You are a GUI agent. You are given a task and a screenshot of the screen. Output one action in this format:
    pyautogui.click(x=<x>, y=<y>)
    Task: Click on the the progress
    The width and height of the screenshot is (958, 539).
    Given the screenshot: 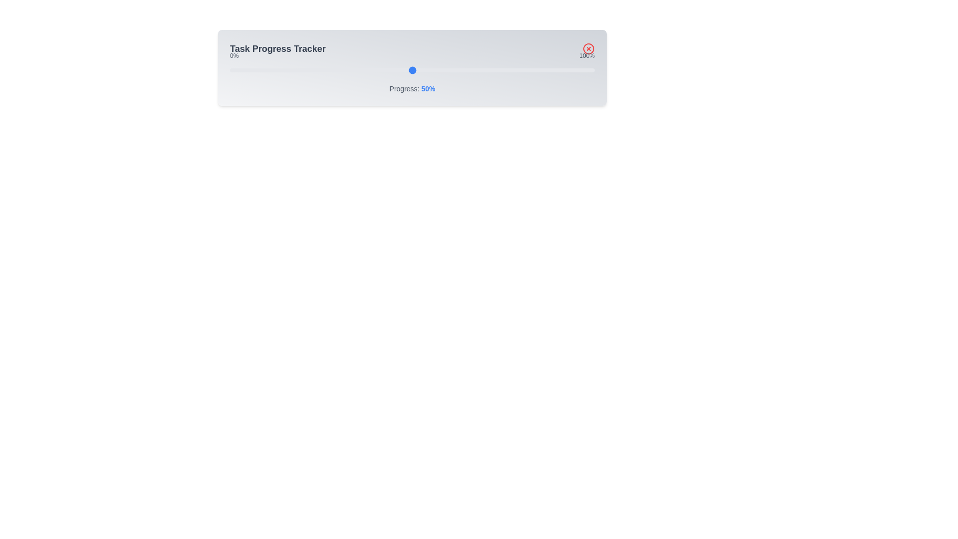 What is the action you would take?
    pyautogui.click(x=386, y=70)
    